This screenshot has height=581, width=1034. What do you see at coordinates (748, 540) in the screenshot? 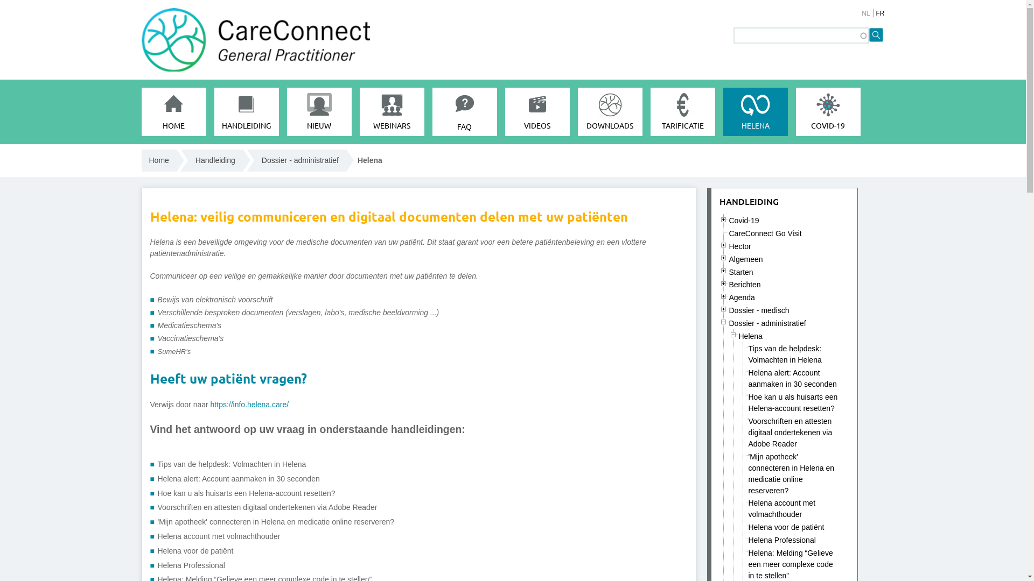
I see `'Helena Professional'` at bounding box center [748, 540].